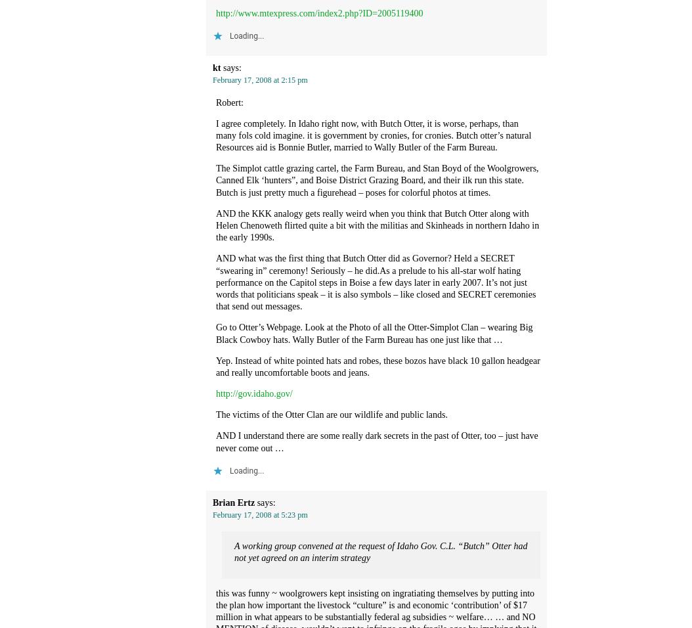  Describe the element at coordinates (331, 415) in the screenshot. I see `'The victims of the Otter Clan are our wildlife and public lands.'` at that location.